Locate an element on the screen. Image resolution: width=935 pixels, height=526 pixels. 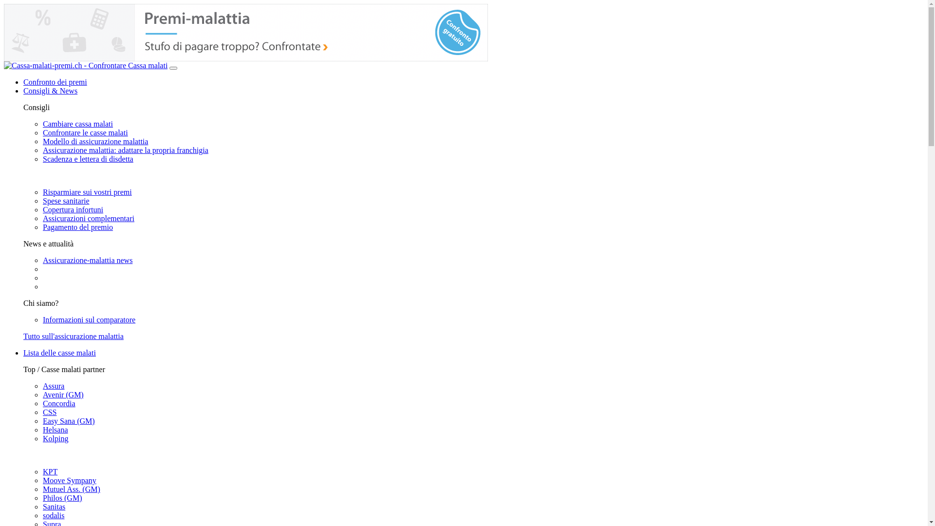
'Helsana' is located at coordinates (55, 429).